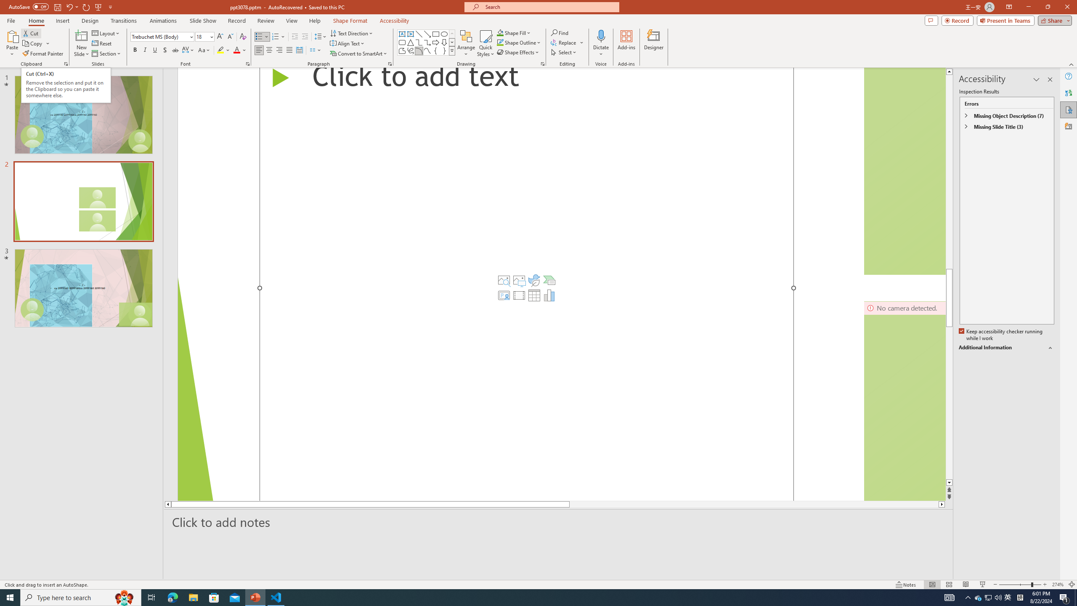 This screenshot has height=606, width=1077. What do you see at coordinates (1006, 348) in the screenshot?
I see `'Additional Information'` at bounding box center [1006, 348].